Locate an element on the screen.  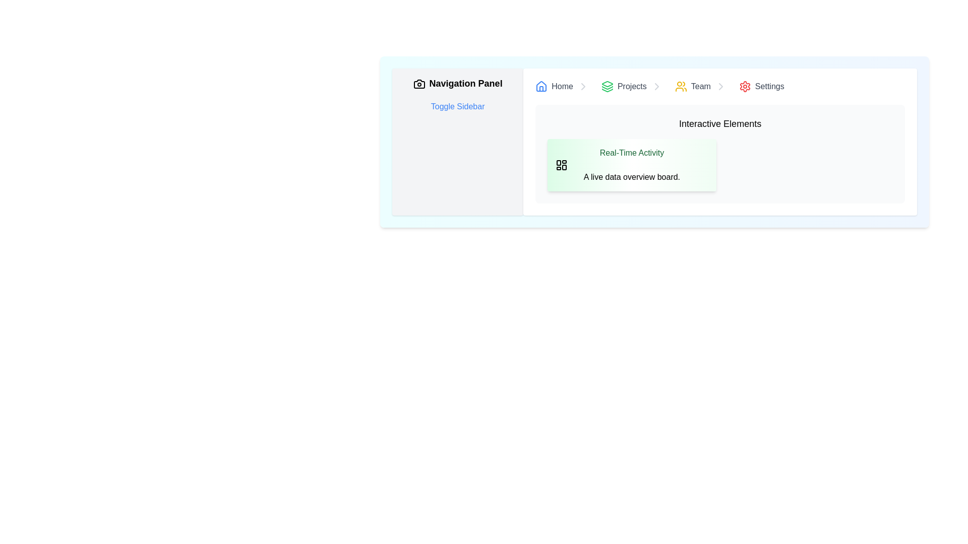
the decorative icon representing the 'Navigation Panel' located at the top-left corner of the sidebar, directly to the left of the text 'Navigation Panel' is located at coordinates (419, 84).